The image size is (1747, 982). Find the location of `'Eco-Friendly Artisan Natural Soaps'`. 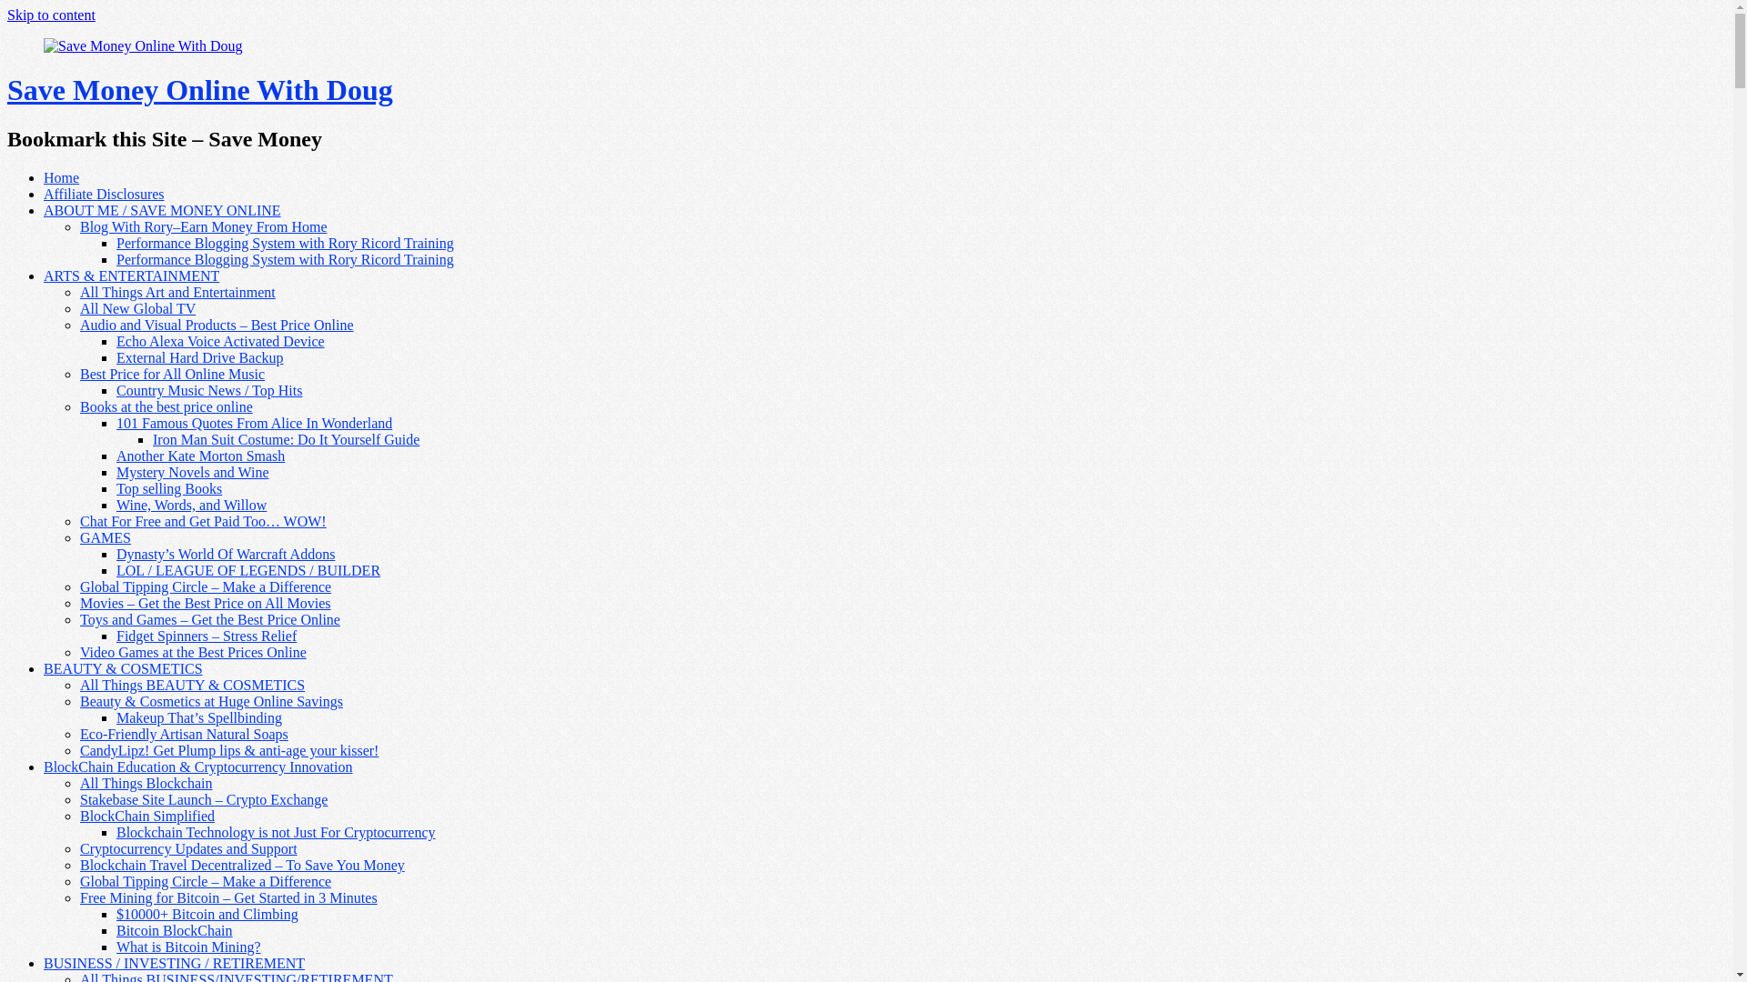

'Eco-Friendly Artisan Natural Soaps' is located at coordinates (78, 733).